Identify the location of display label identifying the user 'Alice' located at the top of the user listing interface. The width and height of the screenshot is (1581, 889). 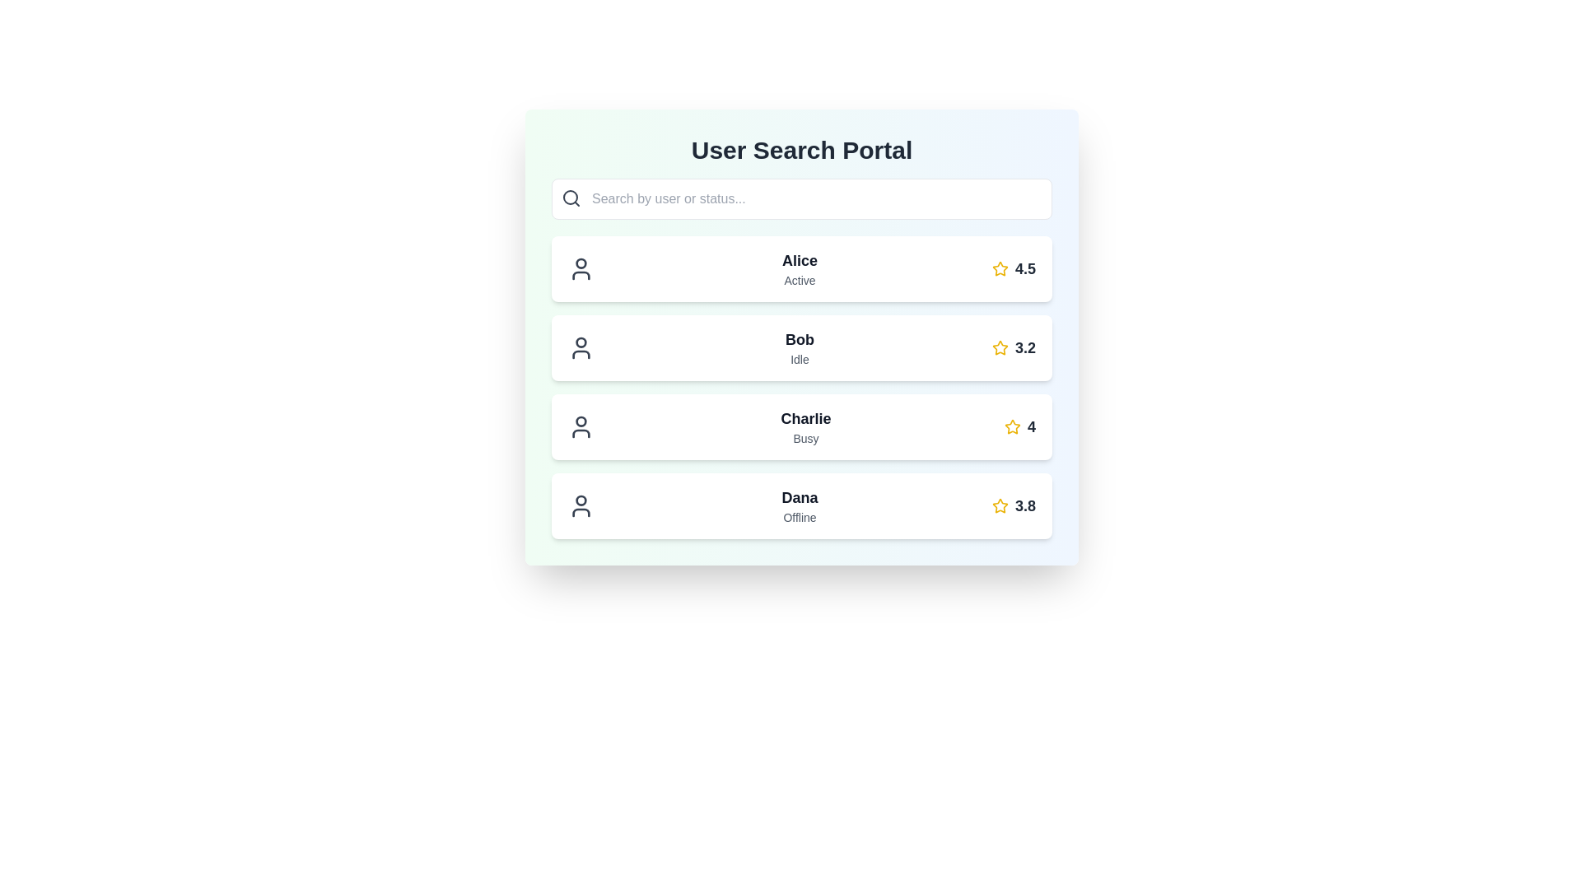
(800, 259).